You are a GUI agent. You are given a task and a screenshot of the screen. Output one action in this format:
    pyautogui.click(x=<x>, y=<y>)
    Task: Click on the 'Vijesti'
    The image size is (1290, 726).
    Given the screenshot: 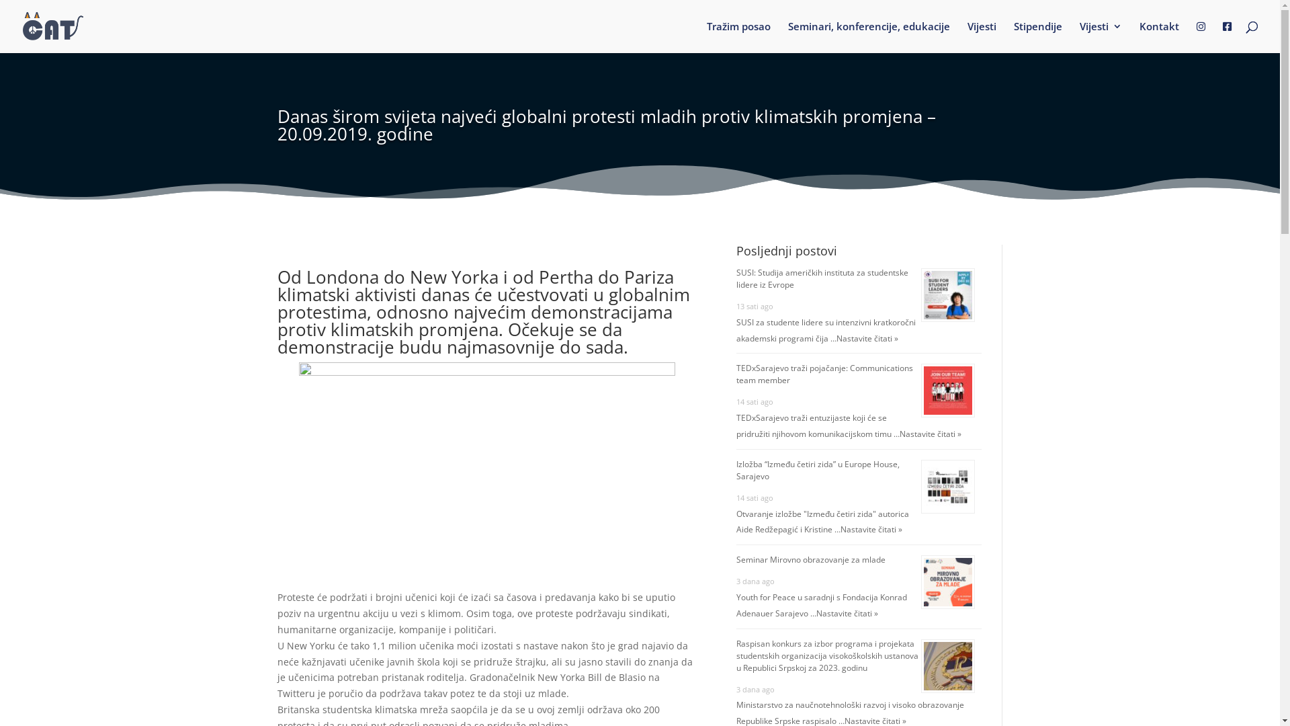 What is the action you would take?
    pyautogui.click(x=1101, y=36)
    